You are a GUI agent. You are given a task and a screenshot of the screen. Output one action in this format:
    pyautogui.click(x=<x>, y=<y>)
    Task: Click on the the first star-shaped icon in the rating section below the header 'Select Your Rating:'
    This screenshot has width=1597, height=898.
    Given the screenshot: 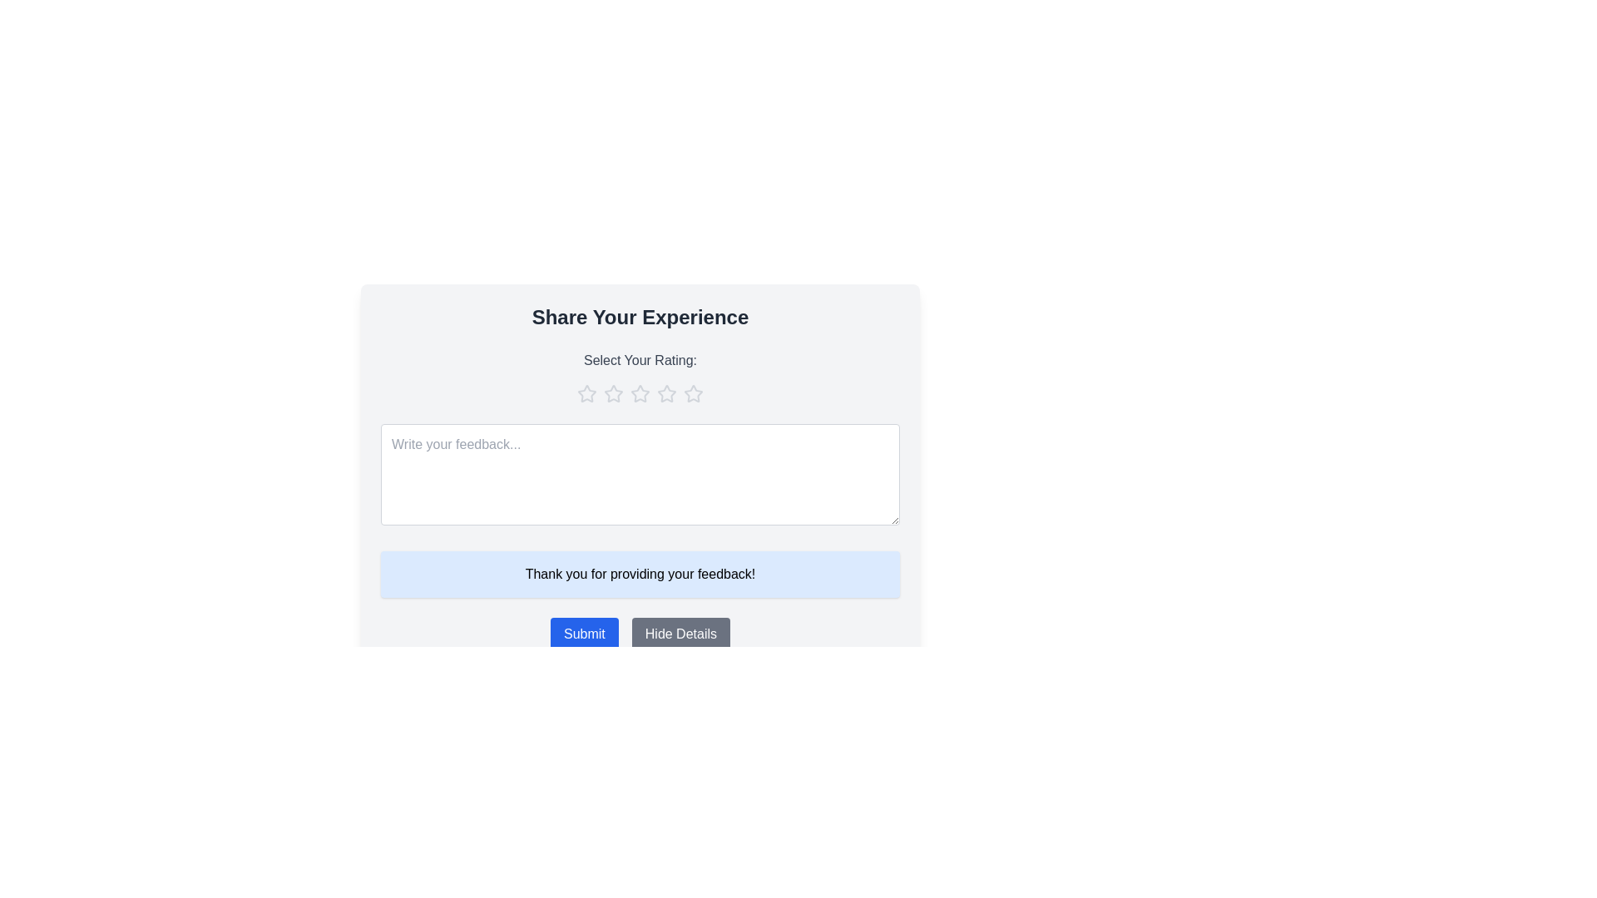 What is the action you would take?
    pyautogui.click(x=613, y=393)
    